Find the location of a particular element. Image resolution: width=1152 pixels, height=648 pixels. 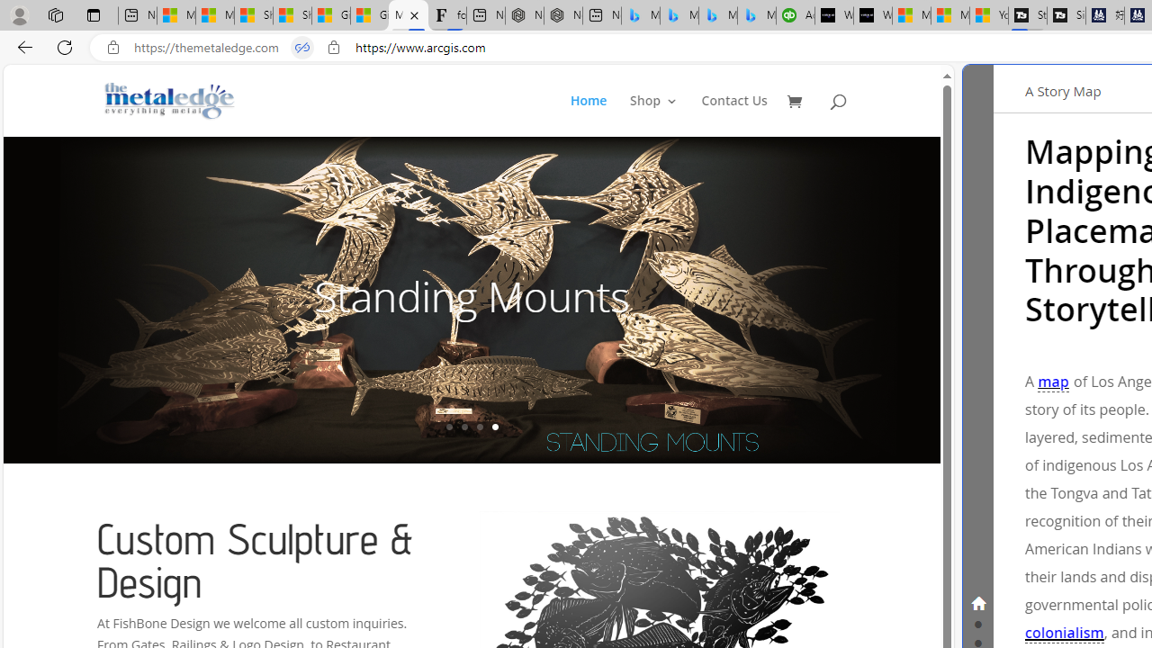

'Metal Fish Sculptures & Metal Designs' is located at coordinates (170, 100).